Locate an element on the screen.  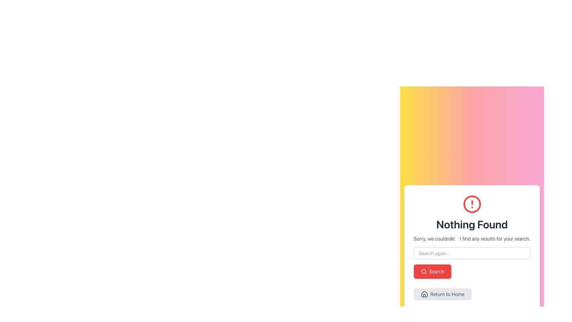
the 'Return to Home' button, which is a horizontally-aligned button with a light gray background and a house icon on the left, located near the lower section of the layout is located at coordinates (442, 294).